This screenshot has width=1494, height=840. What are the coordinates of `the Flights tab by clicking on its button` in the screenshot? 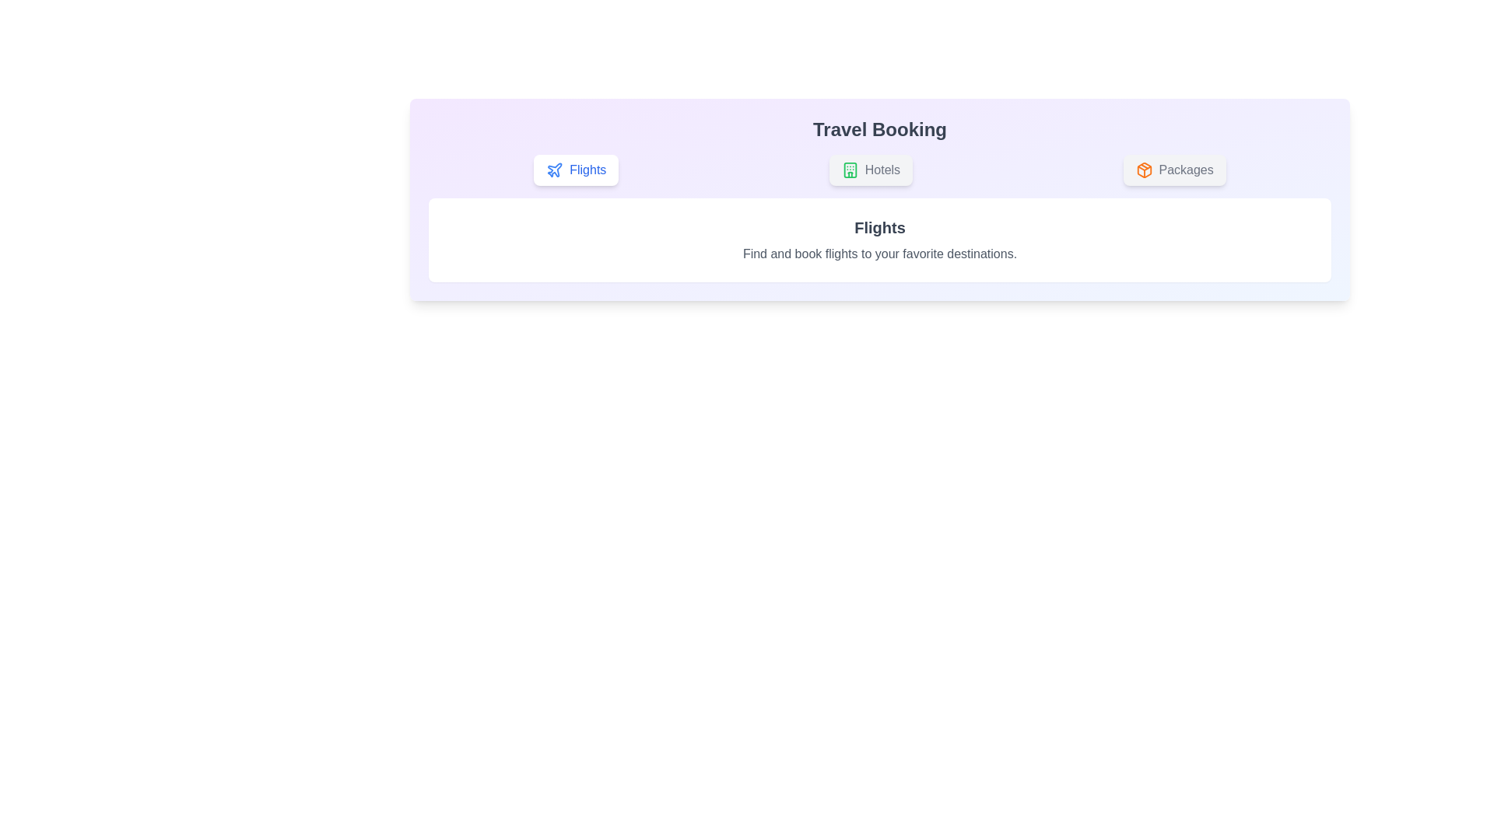 It's located at (574, 170).